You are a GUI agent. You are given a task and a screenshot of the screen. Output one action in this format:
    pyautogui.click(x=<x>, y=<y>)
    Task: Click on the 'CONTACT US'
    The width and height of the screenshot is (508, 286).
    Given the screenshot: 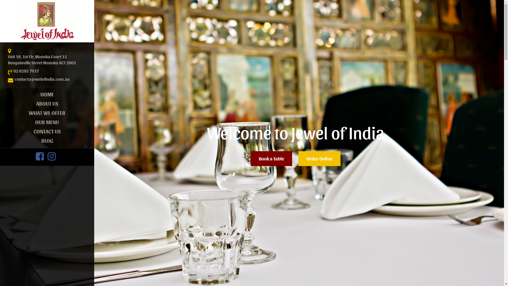 What is the action you would take?
    pyautogui.click(x=47, y=131)
    